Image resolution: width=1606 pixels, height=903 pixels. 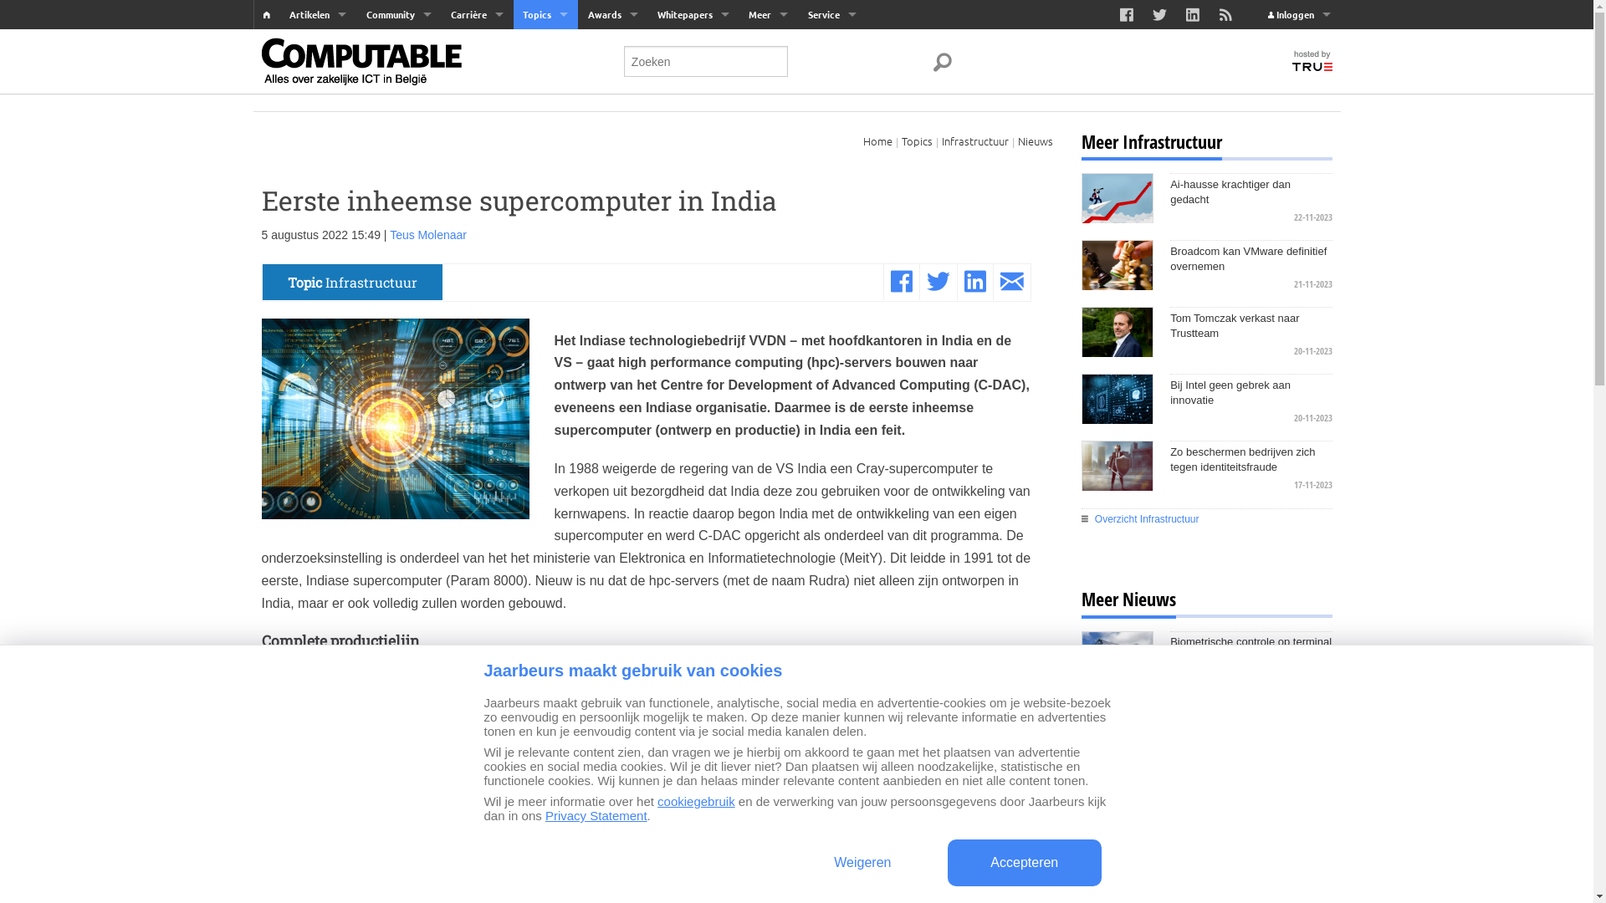 I want to click on 'Bij Intel geen gebrek aan innovatie', so click(x=1251, y=393).